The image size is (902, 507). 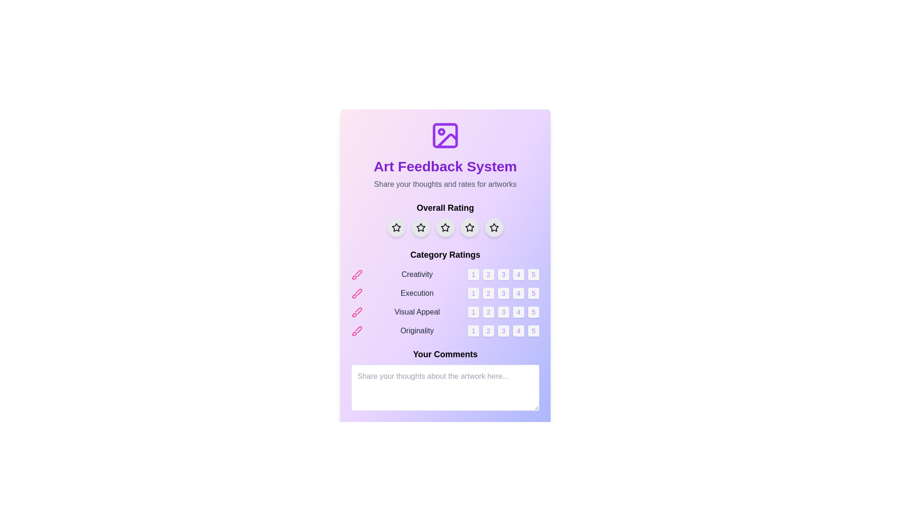 I want to click on the fourth button in the series of five buttons under the 'Visual Appeal' category, so click(x=518, y=312).